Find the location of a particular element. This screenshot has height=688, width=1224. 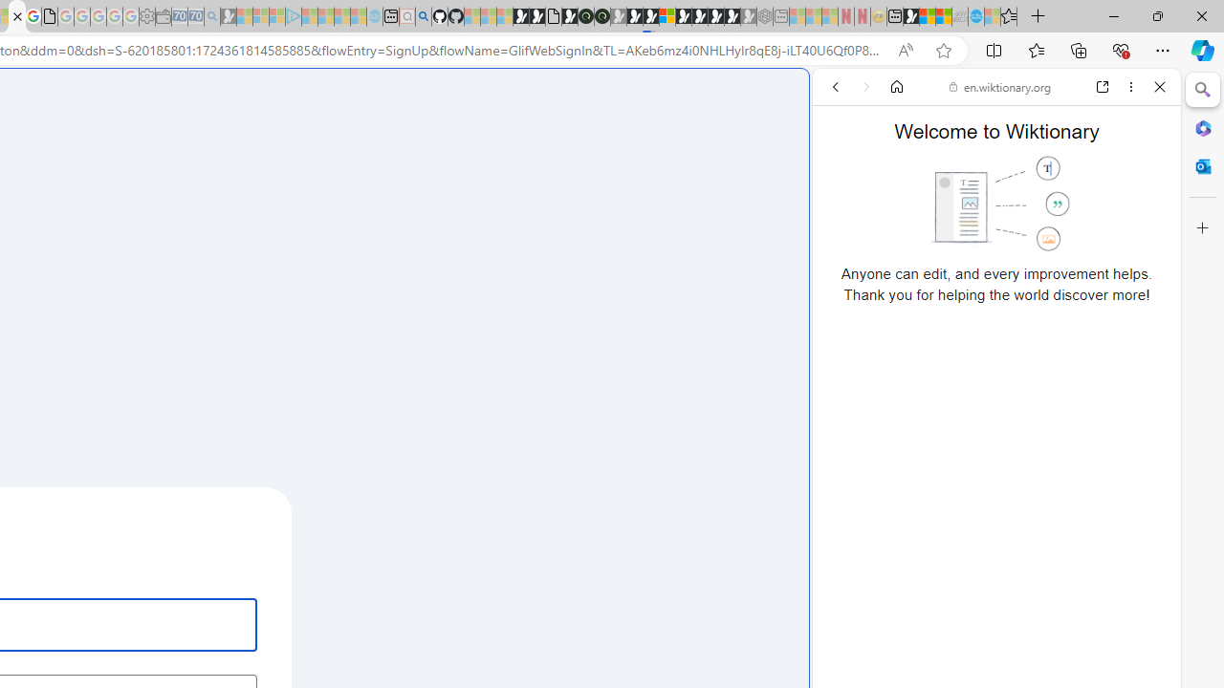

'Tabs you' is located at coordinates (264, 253).